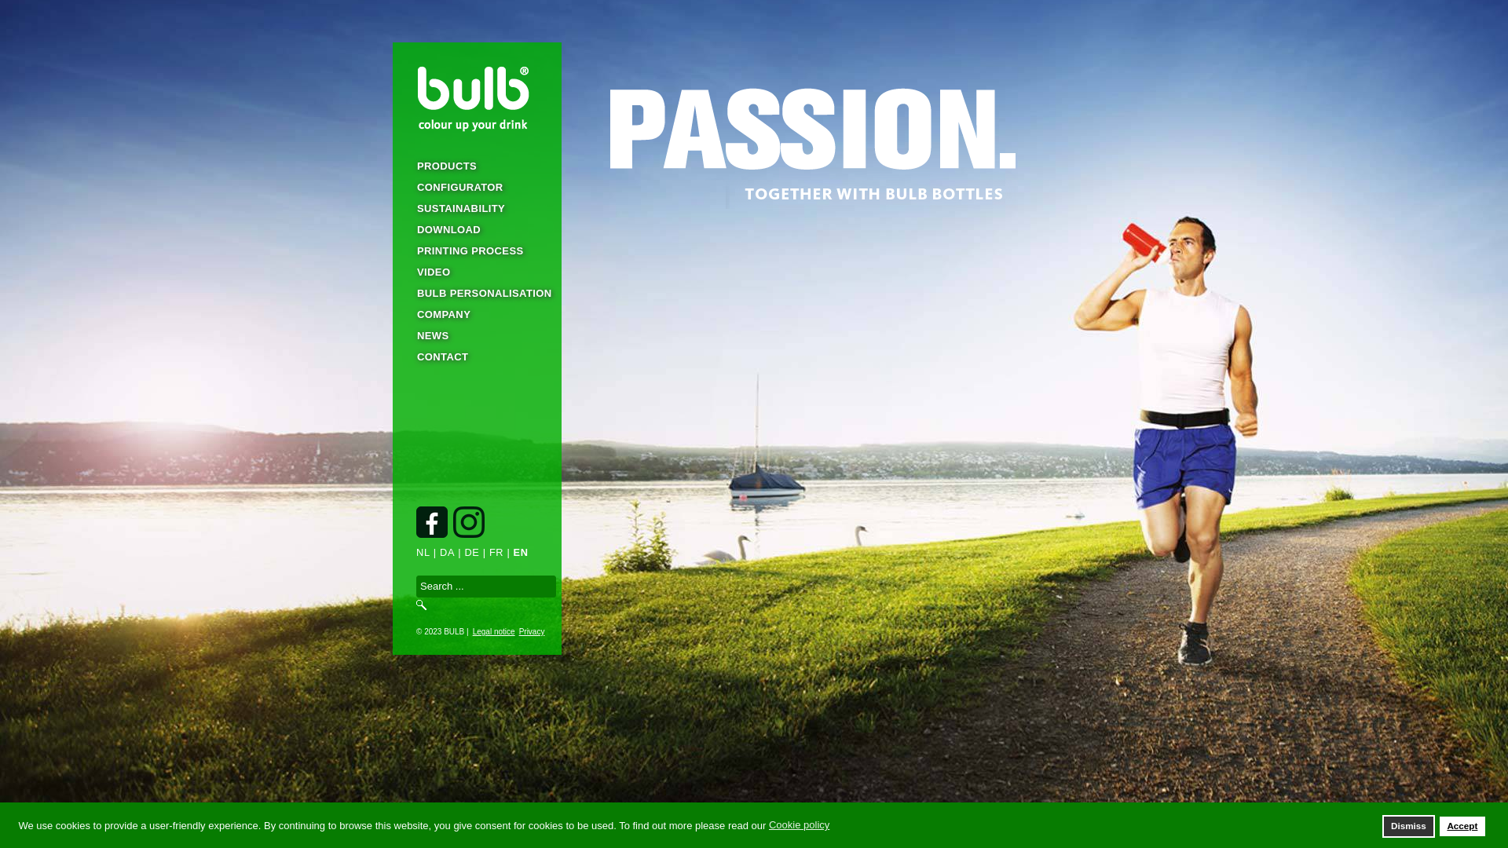 The height and width of the screenshot is (848, 1508). What do you see at coordinates (513, 551) in the screenshot?
I see `'EN'` at bounding box center [513, 551].